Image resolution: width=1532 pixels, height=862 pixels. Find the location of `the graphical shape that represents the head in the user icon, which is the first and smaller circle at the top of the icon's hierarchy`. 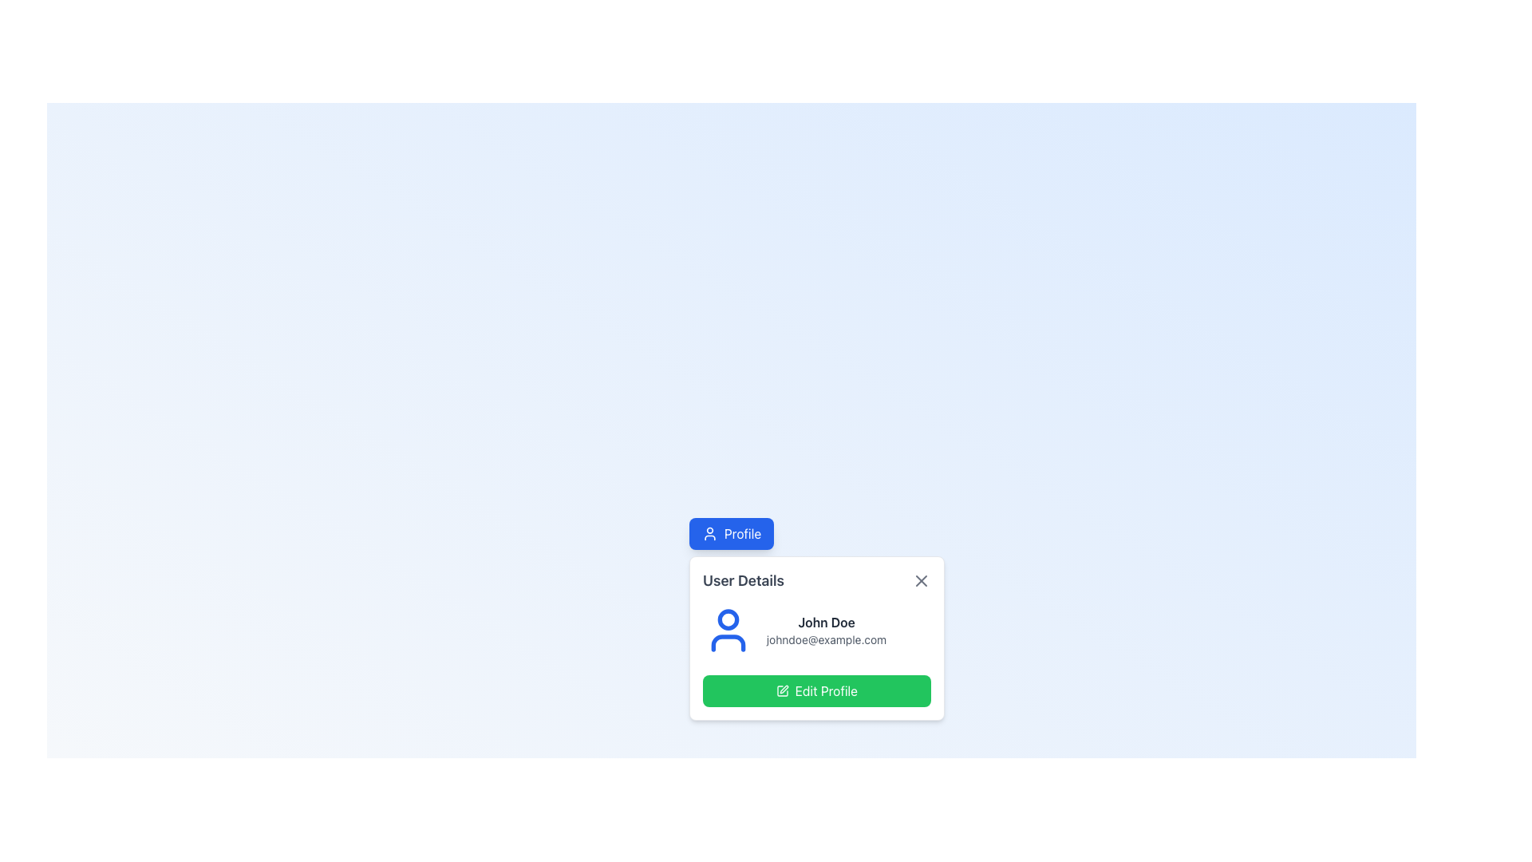

the graphical shape that represents the head in the user icon, which is the first and smaller circle at the top of the icon's hierarchy is located at coordinates (727, 619).